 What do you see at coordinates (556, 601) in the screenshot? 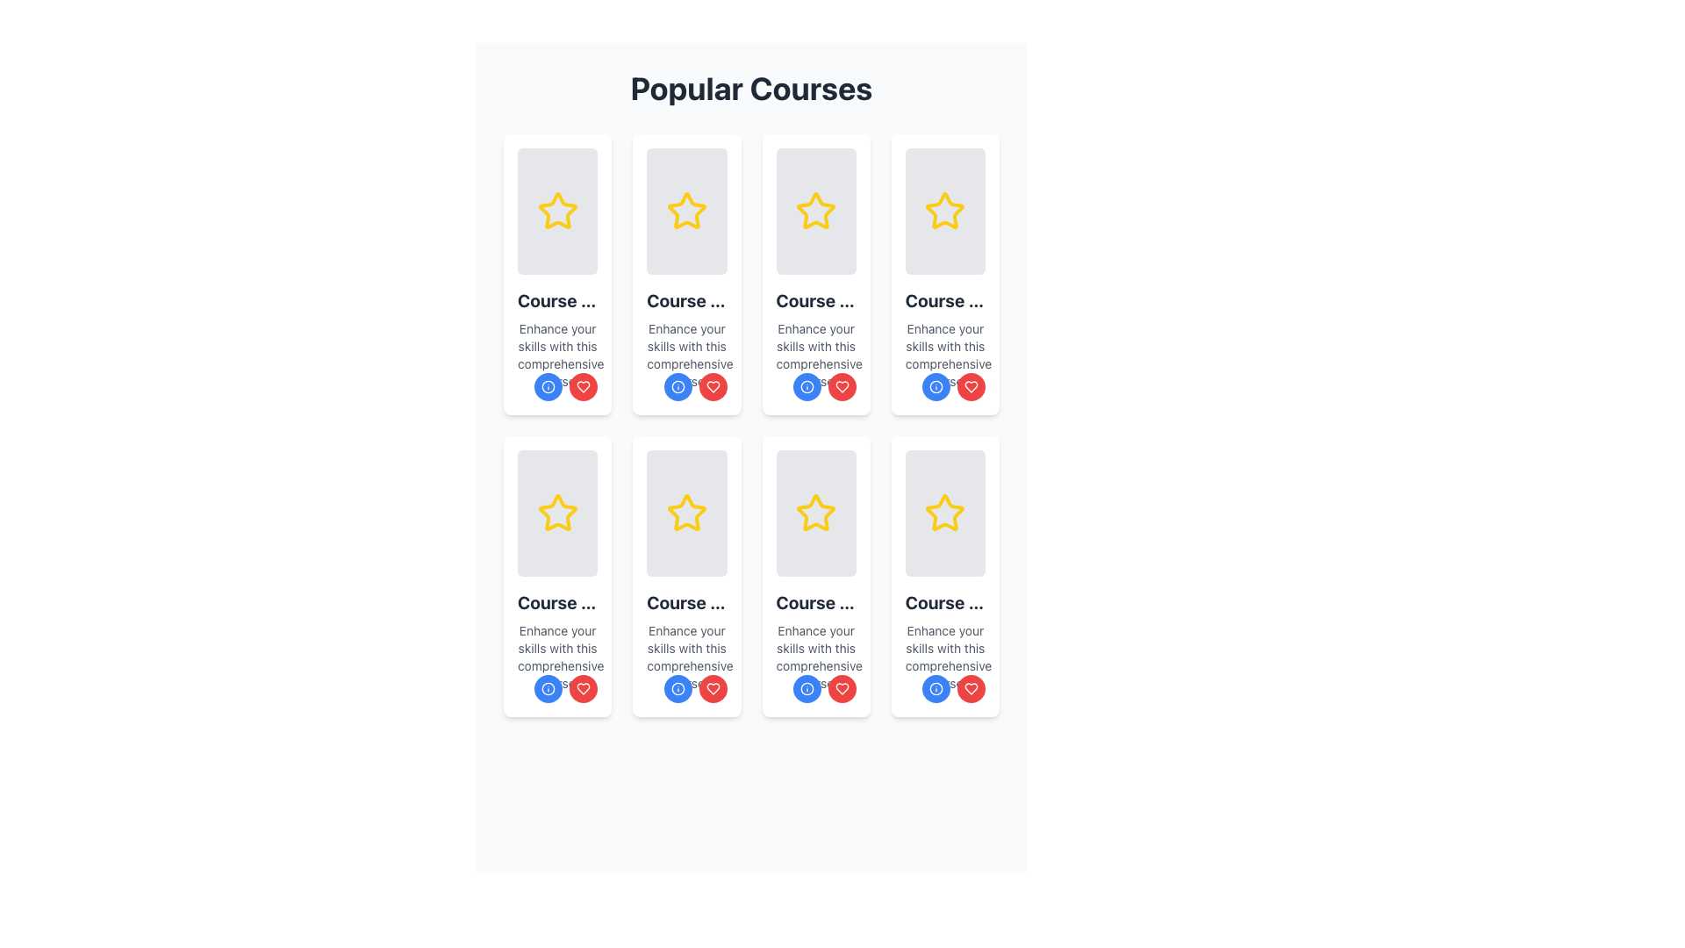
I see `text element titled 'Course Title 5', which is styled in a larger, bold font and positioned within a card design below an image placeholder and above a descriptive text paragraph` at bounding box center [556, 601].